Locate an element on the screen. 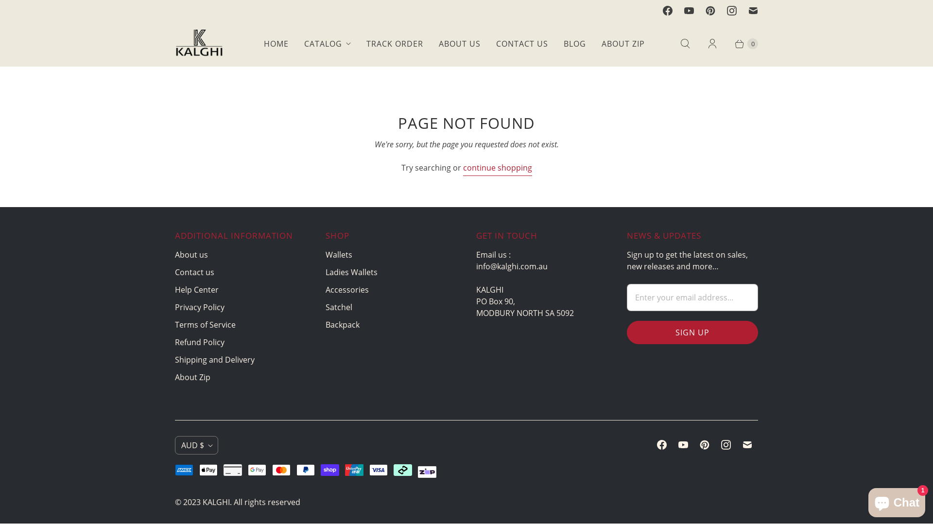 The height and width of the screenshot is (525, 933). 'Help Center' is located at coordinates (175, 289).